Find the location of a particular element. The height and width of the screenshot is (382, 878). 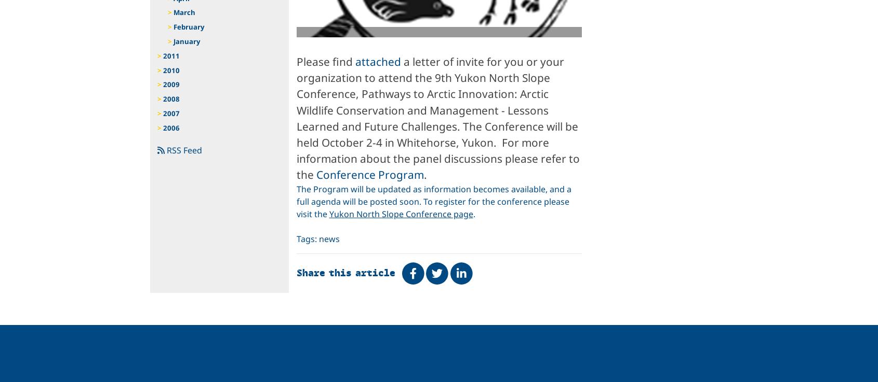

'attached' is located at coordinates (354, 60).